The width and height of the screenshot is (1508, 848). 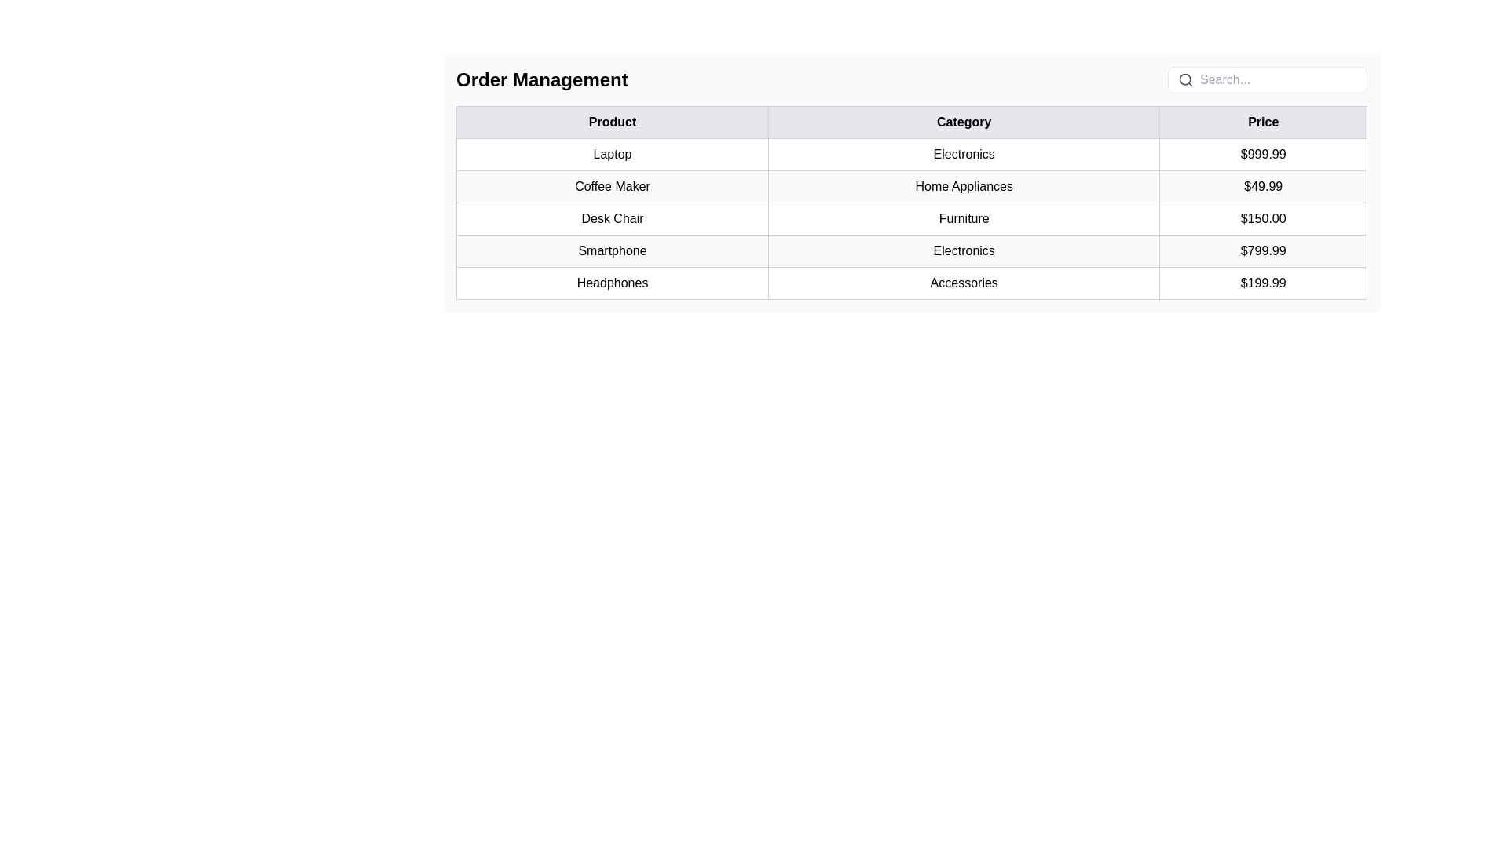 I want to click on the table cell containing the text 'Smartphone' in the 'Product' column, which is styled with a light gray border and centered text, so click(x=612, y=250).